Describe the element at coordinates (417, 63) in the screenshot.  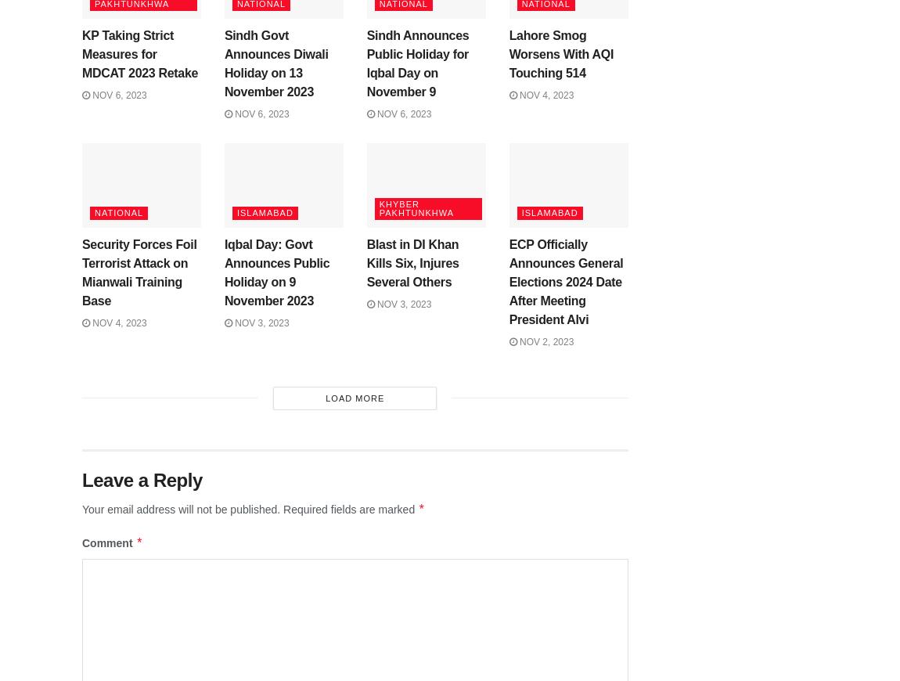
I see `'Sindh Announces Public Holiday for Iqbal Day on November 9'` at that location.